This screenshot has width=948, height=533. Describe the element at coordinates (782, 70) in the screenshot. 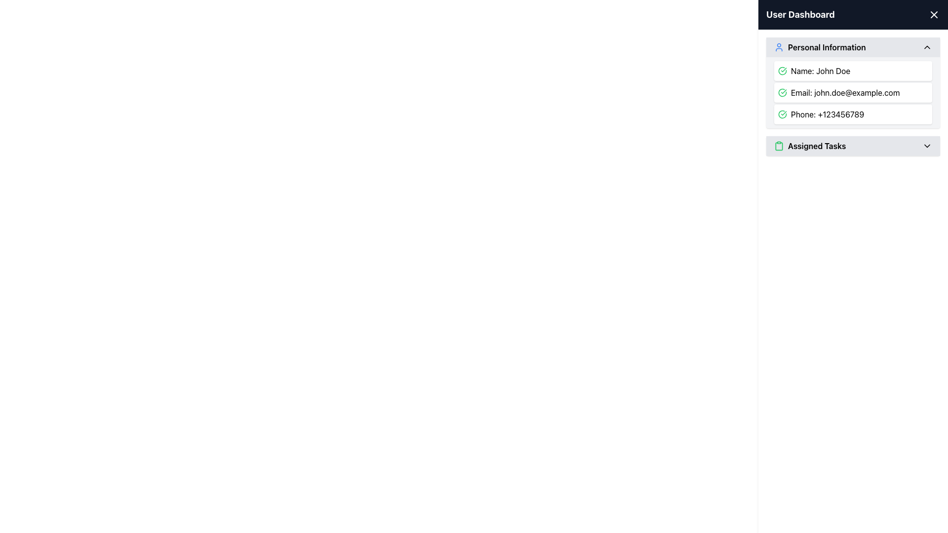

I see `the decorative status-indicating icon located in the 'Personal Information' section next to the 'Name: John Doe' label` at that location.